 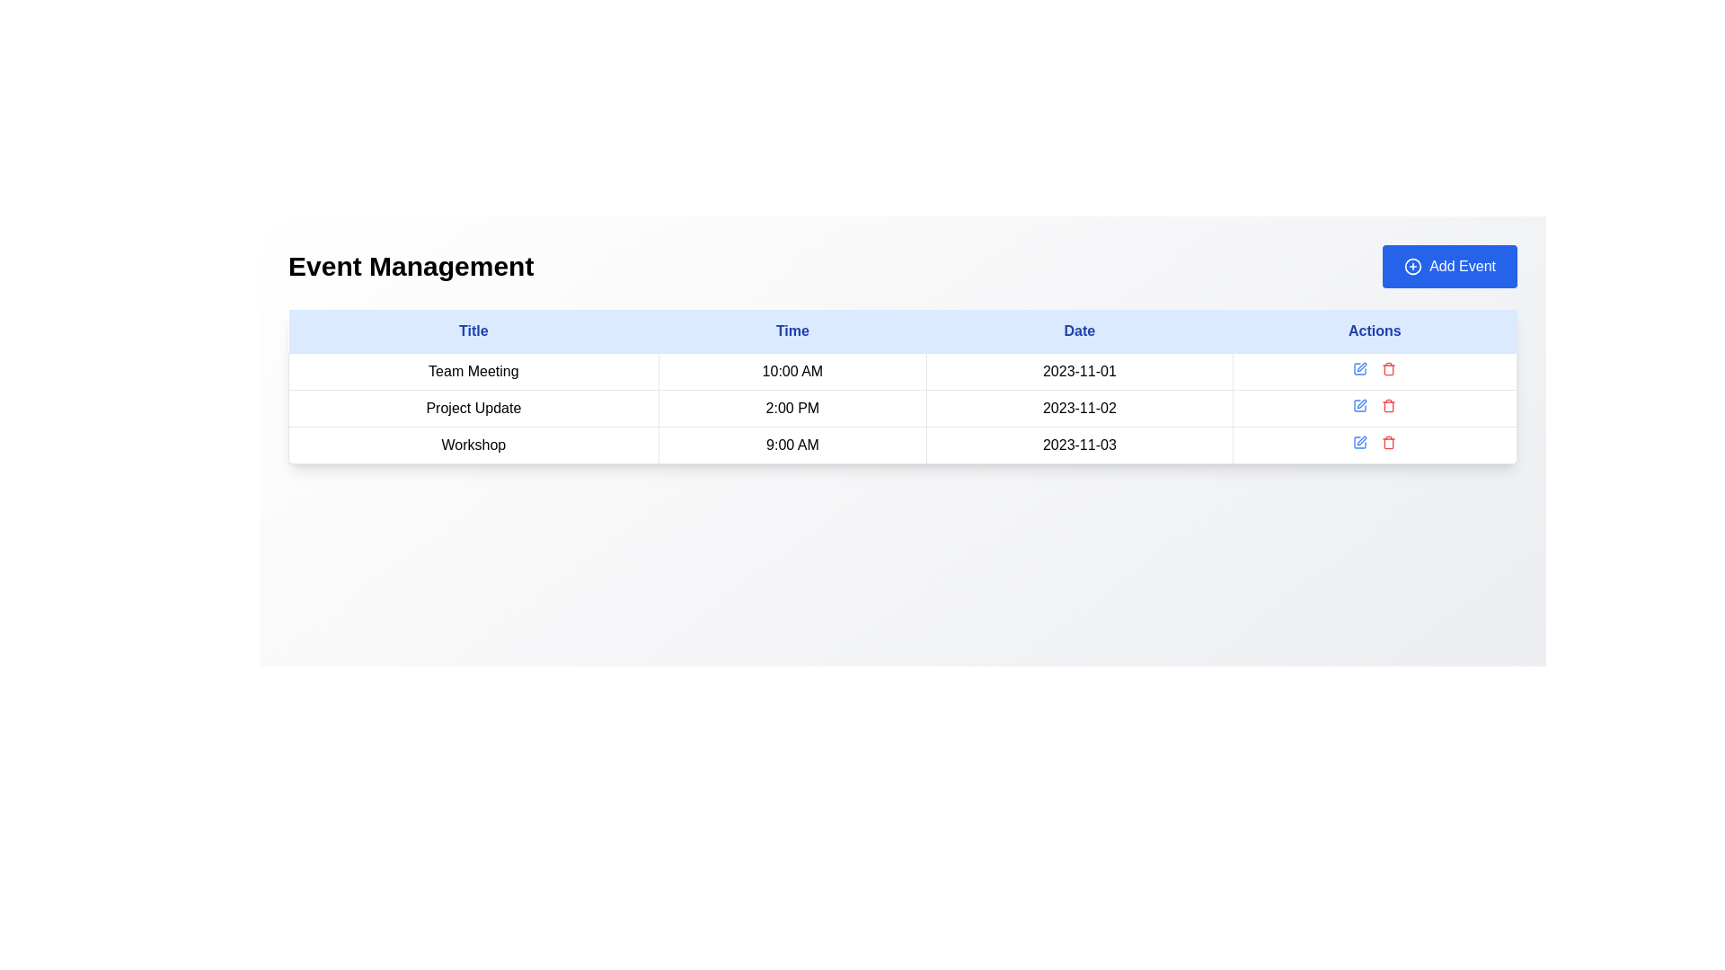 I want to click on the edit icon button located in the 'Actions' column of the last row of the table, so click(x=1360, y=443).